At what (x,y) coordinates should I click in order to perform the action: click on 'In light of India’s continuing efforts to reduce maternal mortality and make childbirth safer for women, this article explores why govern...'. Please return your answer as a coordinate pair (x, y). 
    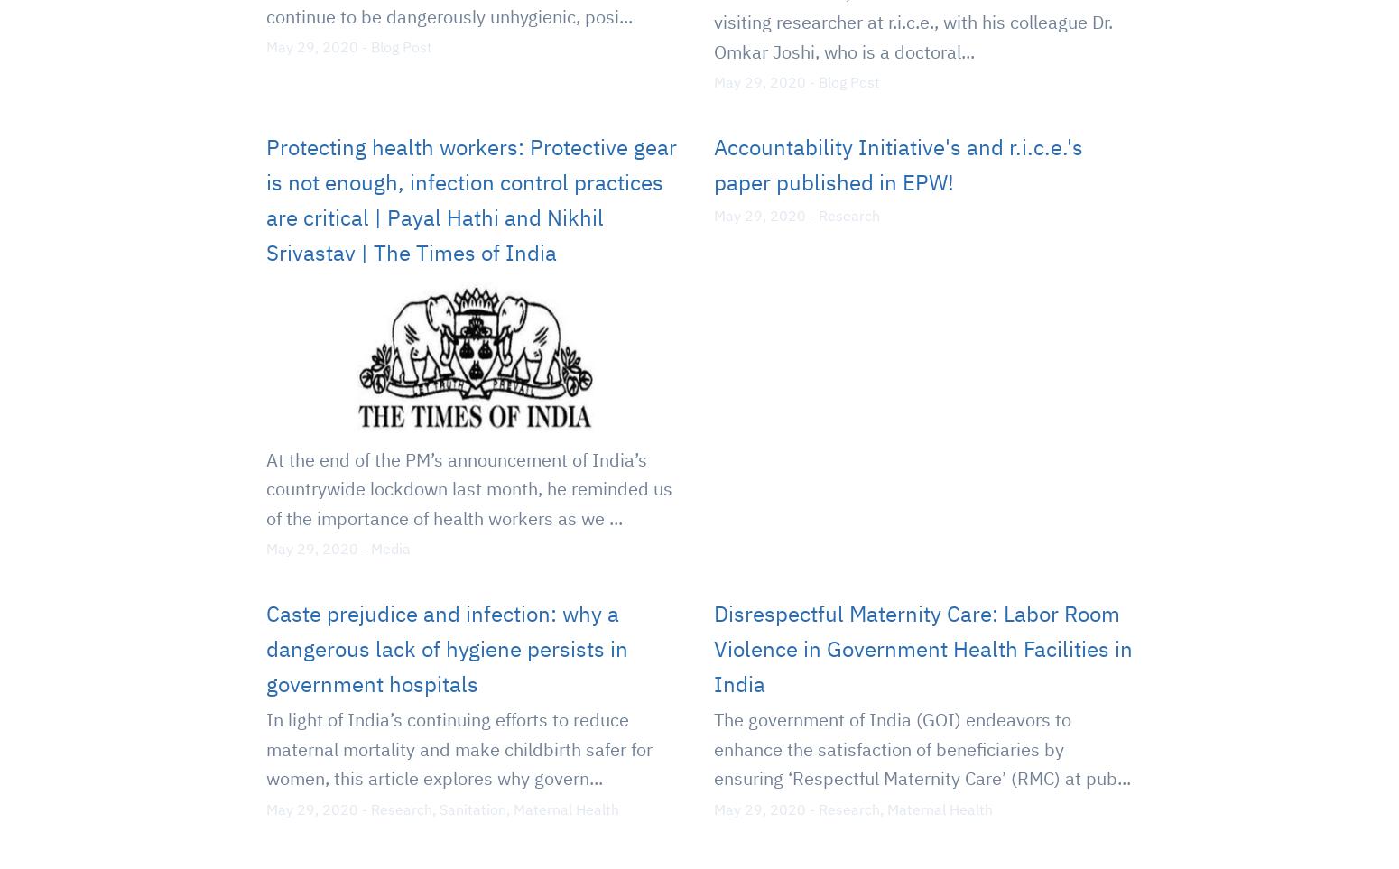
    Looking at the image, I should click on (265, 748).